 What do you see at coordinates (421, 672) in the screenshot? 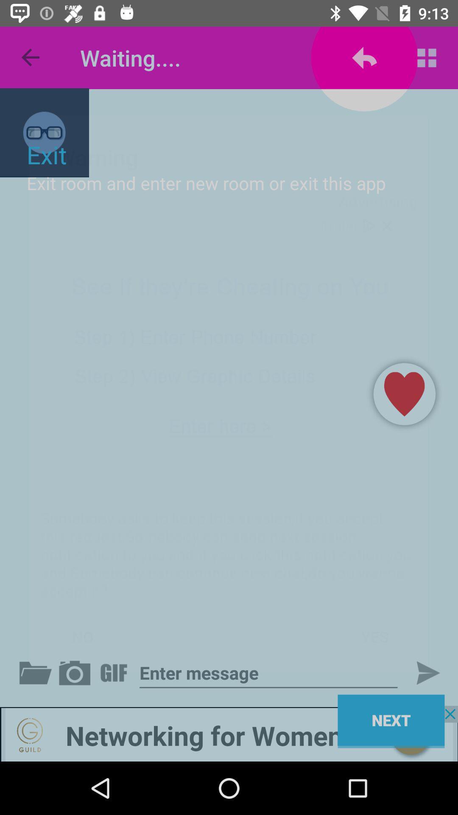
I see `the submit box` at bounding box center [421, 672].